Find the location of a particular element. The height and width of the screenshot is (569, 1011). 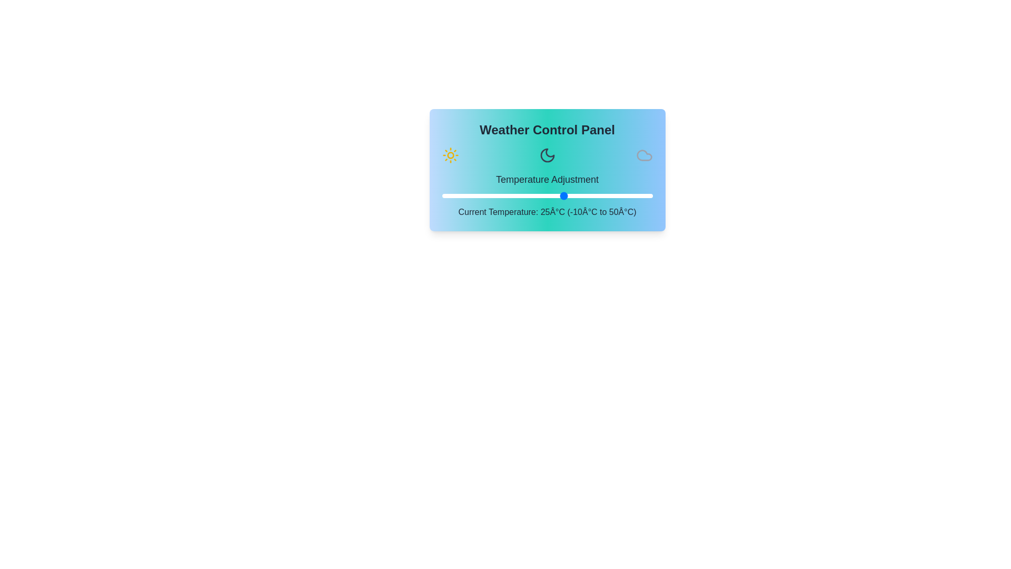

the temperature to 36°C using the slider is located at coordinates (603, 195).